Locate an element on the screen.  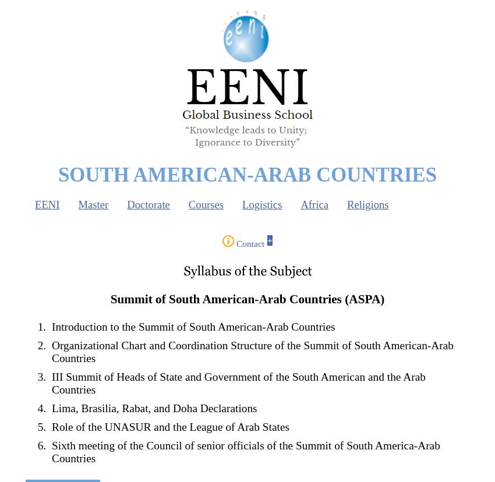
'Sixth meeting of the Council of senior officials of the Summit of South America-Arab Countries' is located at coordinates (246, 452).